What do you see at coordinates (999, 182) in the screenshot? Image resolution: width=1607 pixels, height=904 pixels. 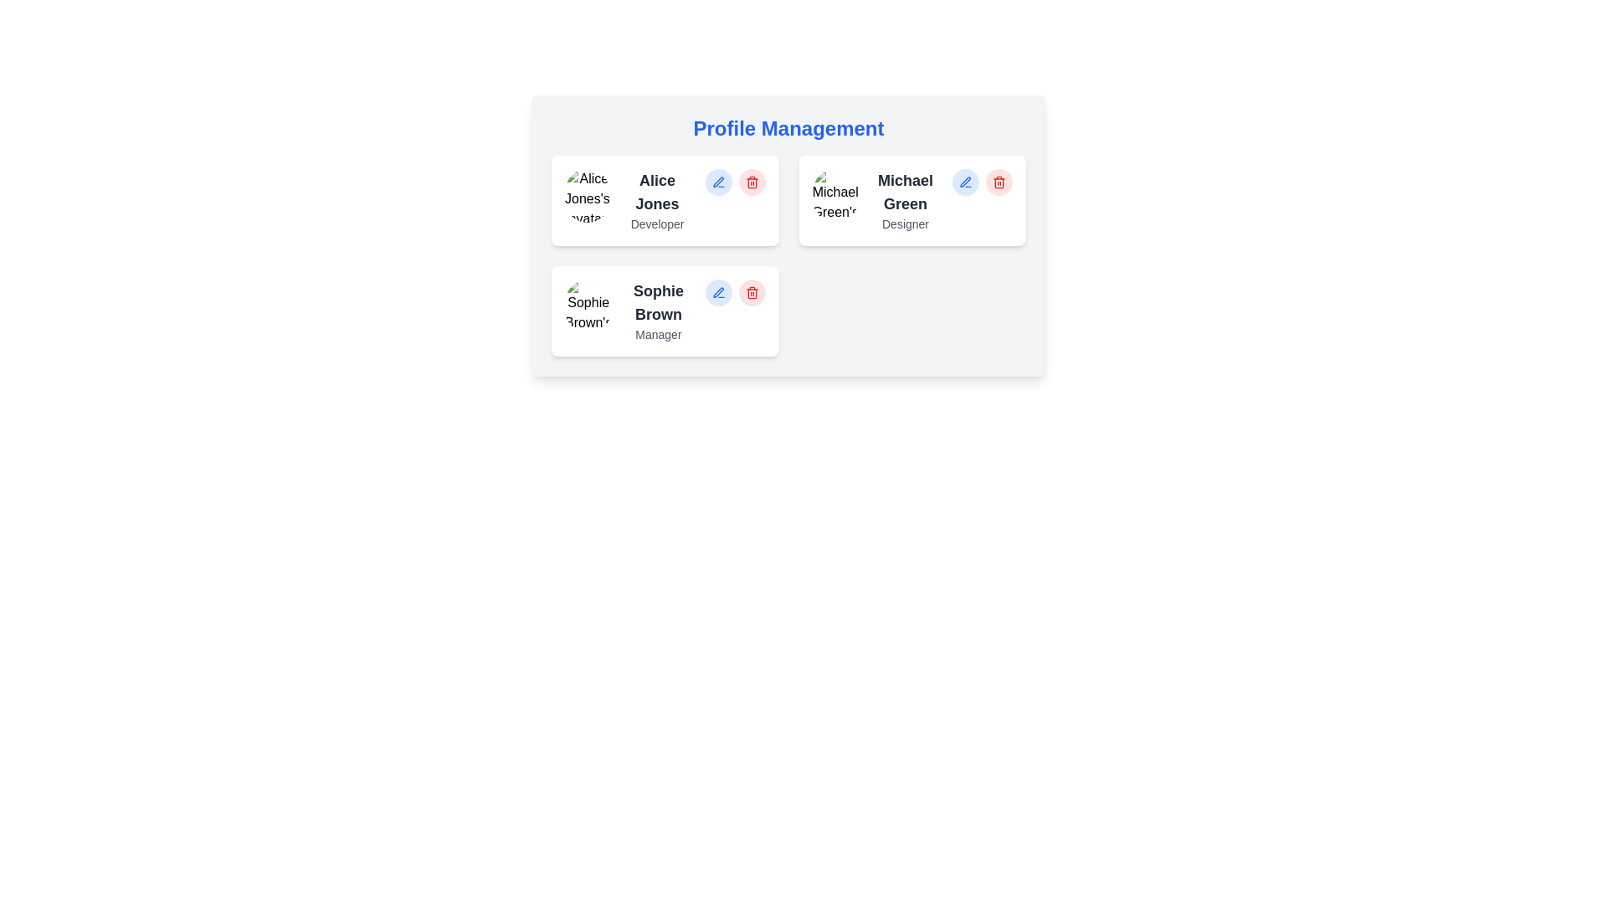 I see `the red trash bin icon button located in the top-right corner of the card for 'Michael Green'` at bounding box center [999, 182].